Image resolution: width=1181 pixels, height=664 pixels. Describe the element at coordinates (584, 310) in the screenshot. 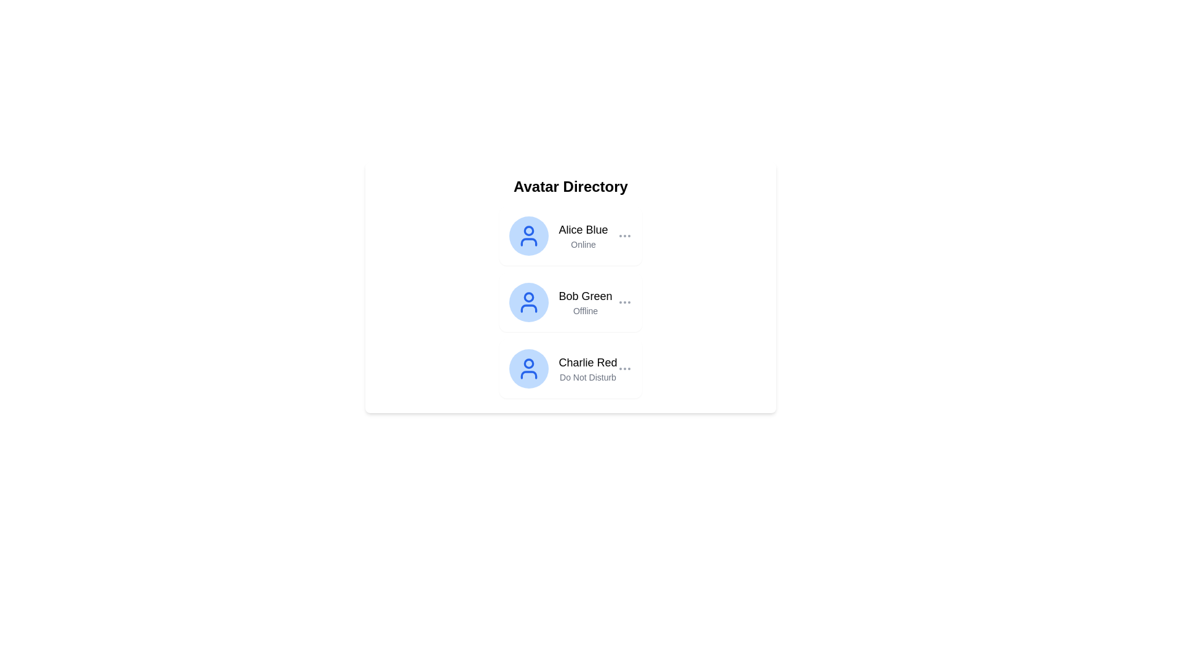

I see `text label displaying 'Offline' which indicates the status of user 'Bob Green' in the Avatar Directory interface` at that location.